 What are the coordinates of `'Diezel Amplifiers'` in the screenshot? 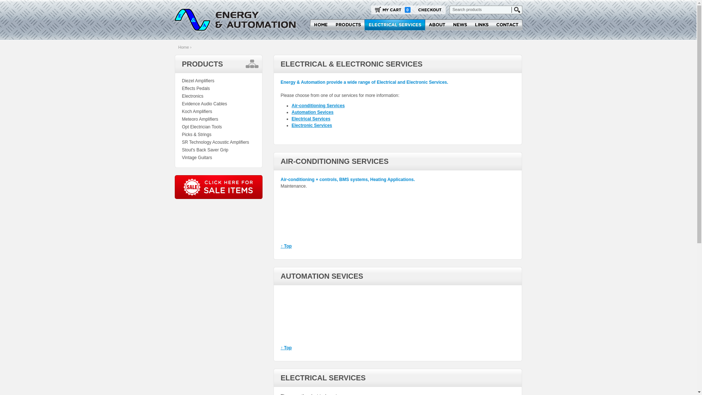 It's located at (198, 81).